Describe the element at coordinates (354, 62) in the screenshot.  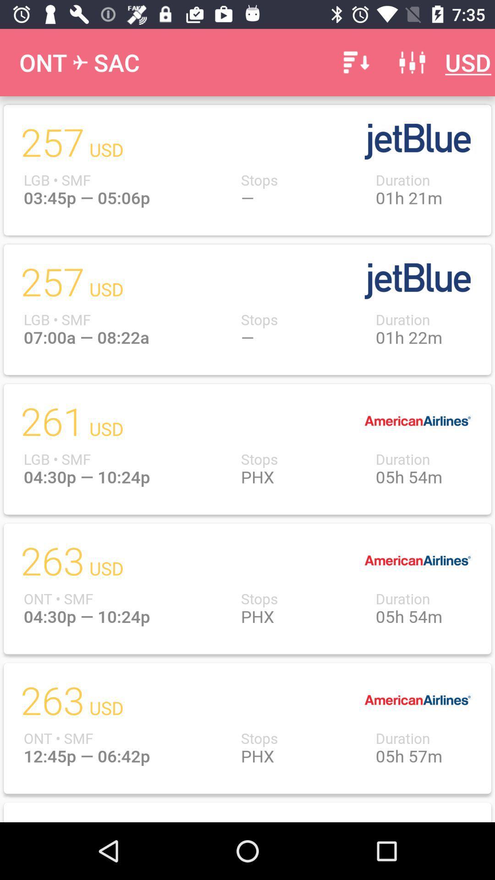
I see `the item to the right of the sac item` at that location.